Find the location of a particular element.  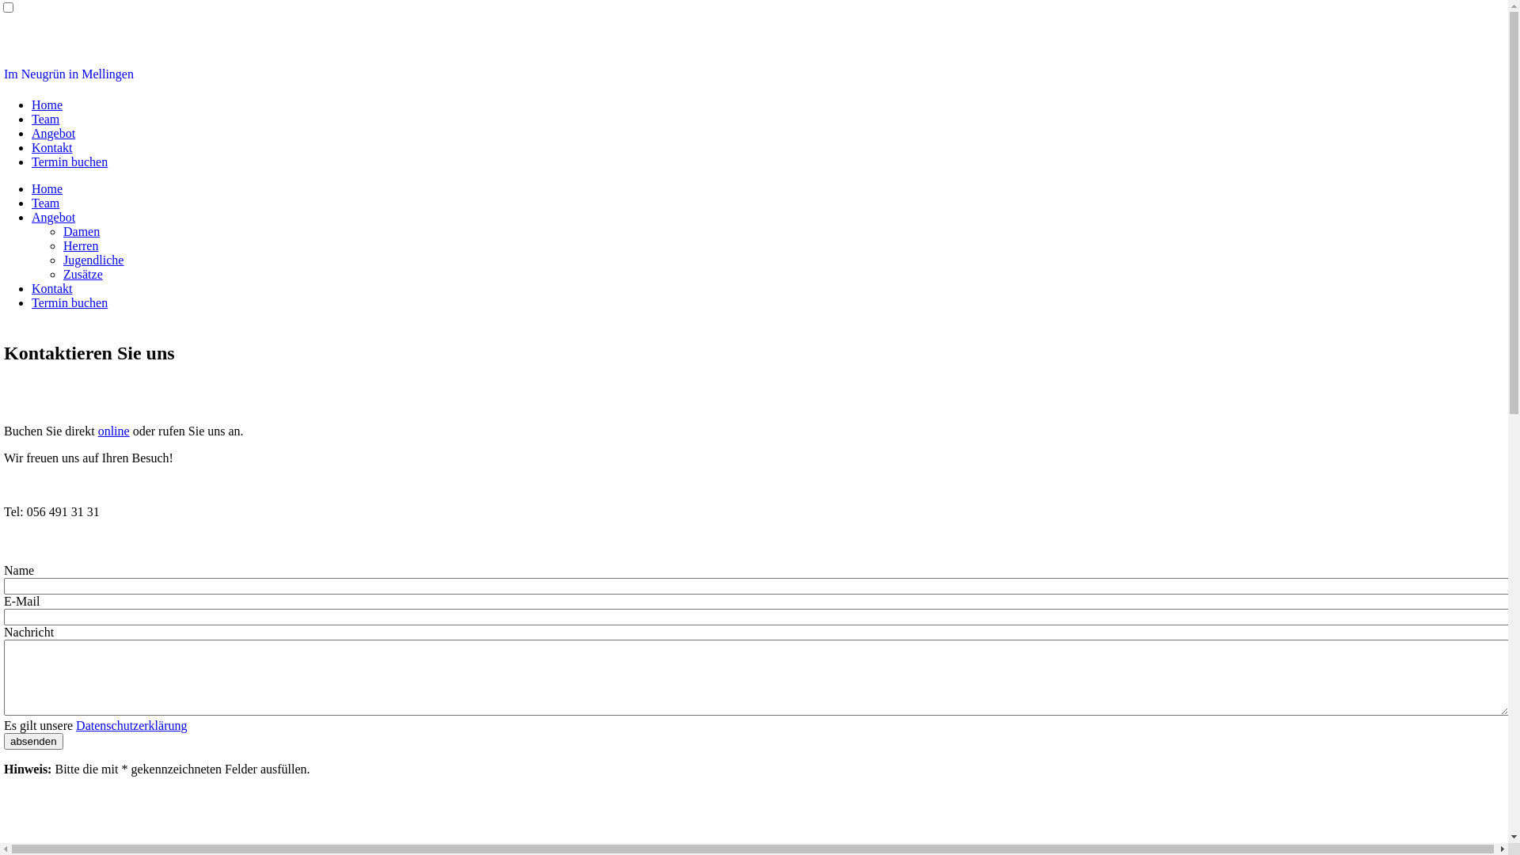

'absenden' is located at coordinates (33, 741).